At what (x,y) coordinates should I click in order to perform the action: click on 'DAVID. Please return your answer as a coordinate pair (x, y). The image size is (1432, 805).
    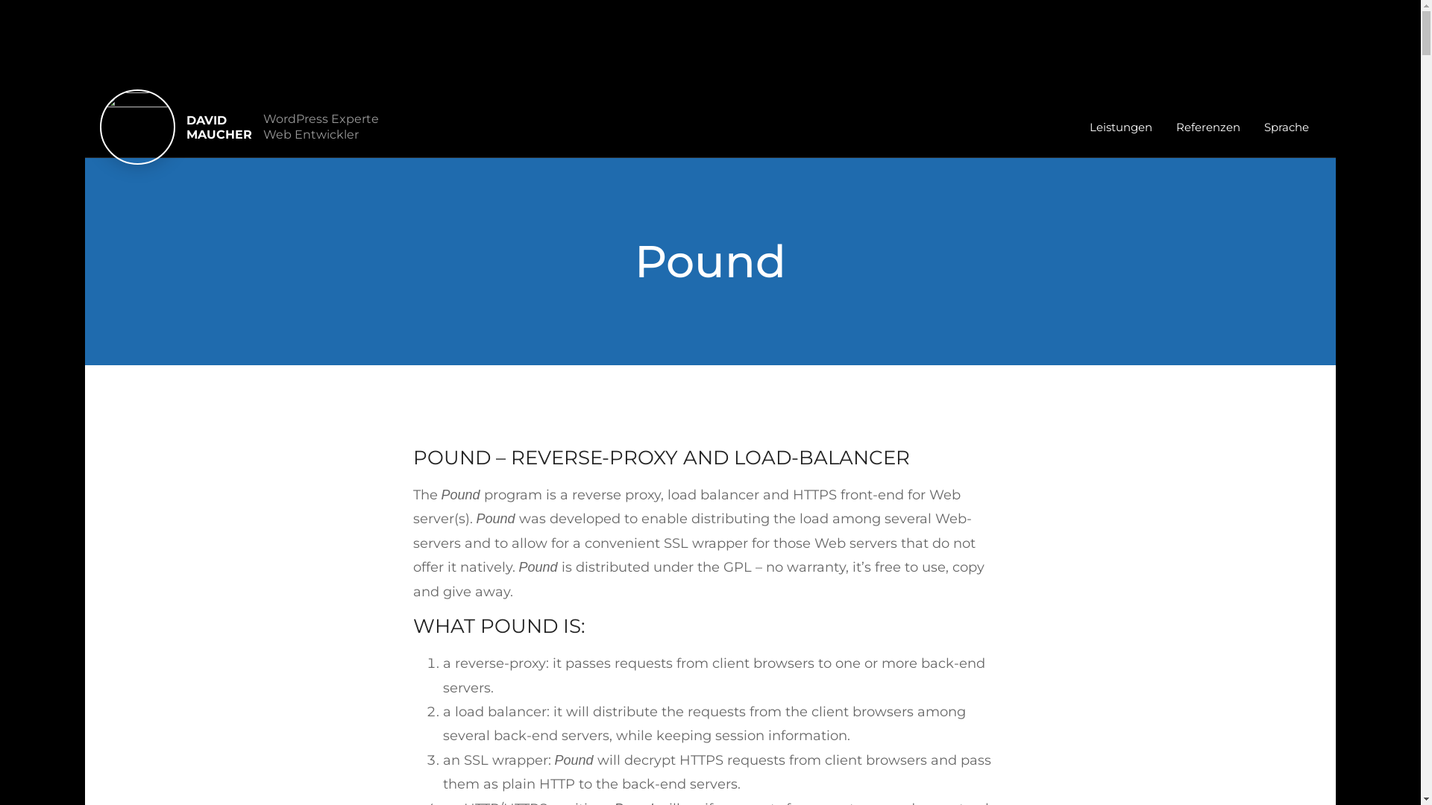
    Looking at the image, I should click on (218, 126).